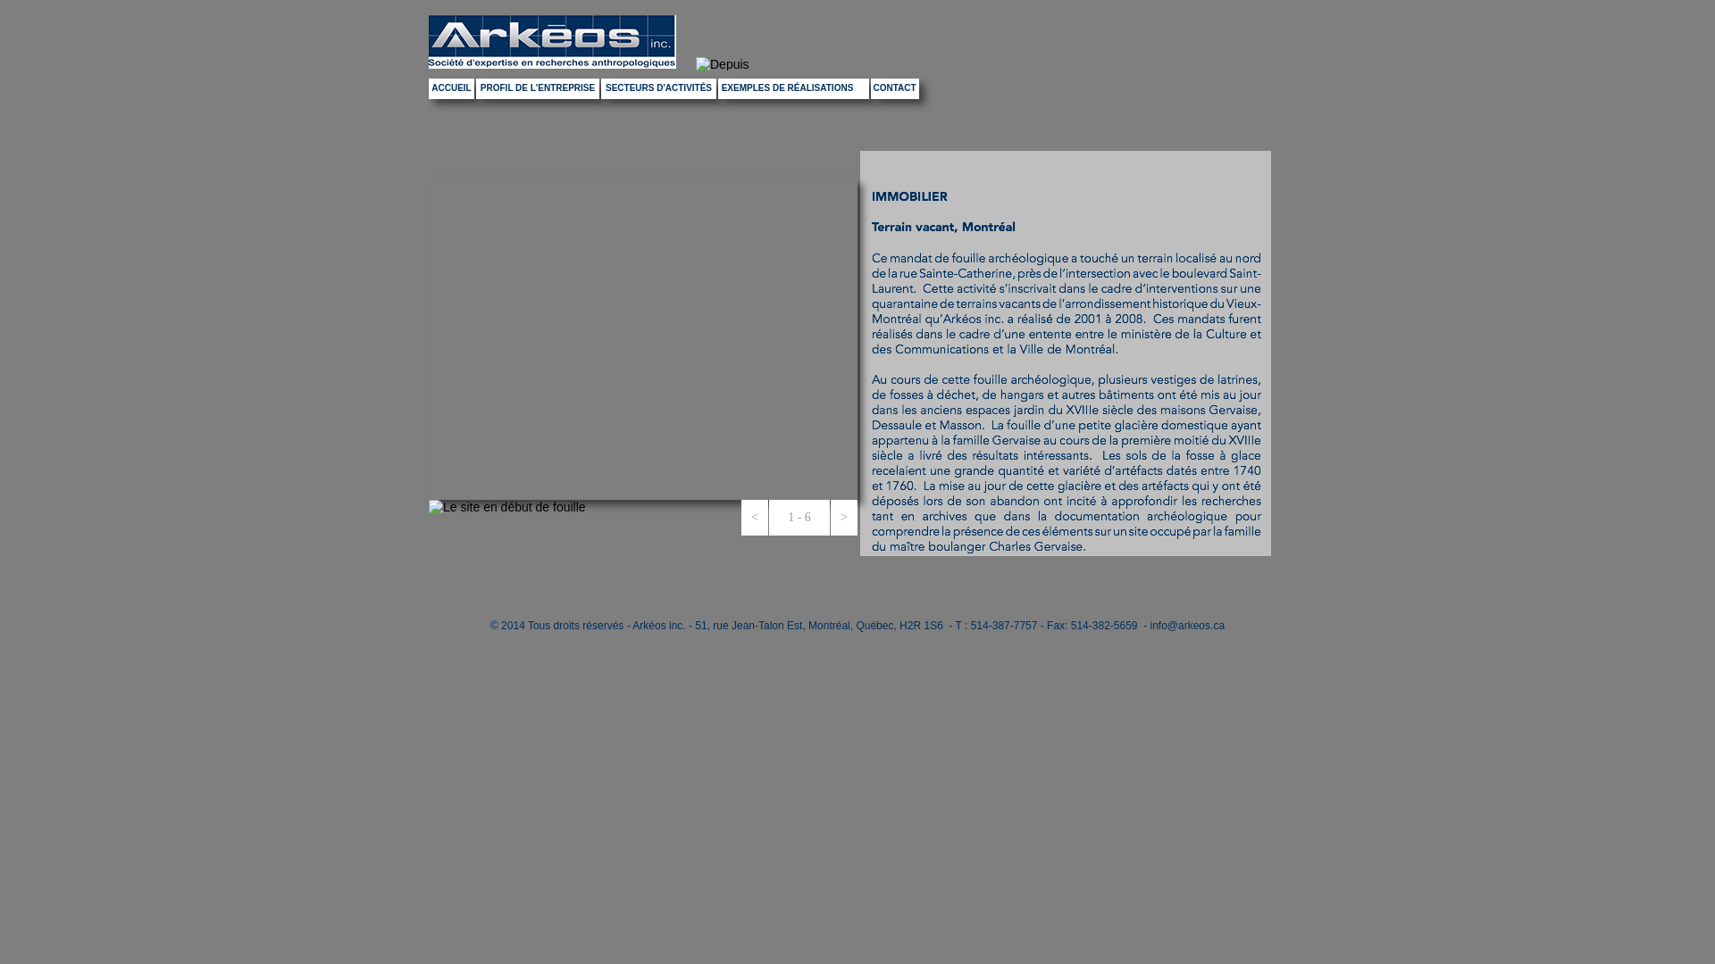 This screenshot has height=964, width=1715. I want to click on 'CONTACT', so click(895, 88).